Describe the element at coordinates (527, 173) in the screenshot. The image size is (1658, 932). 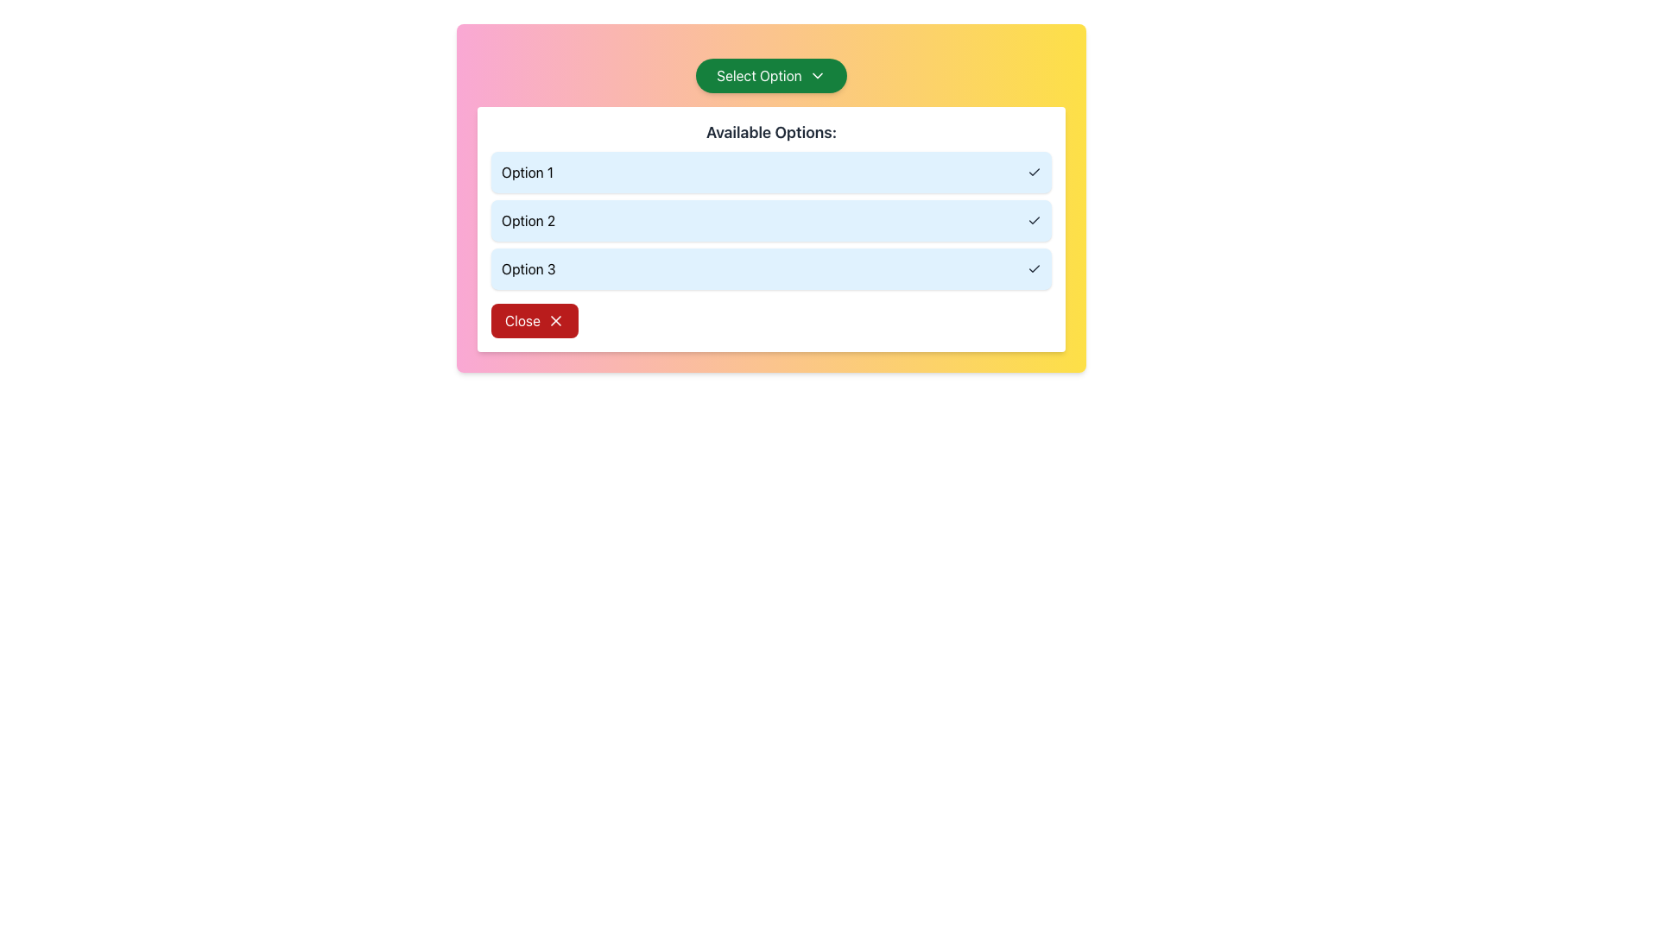
I see `text displayed in the 'Option 1' text label, which is in black font on a light blue background, located at the center of the first entry in a vertically stacked list of selectable options` at that location.